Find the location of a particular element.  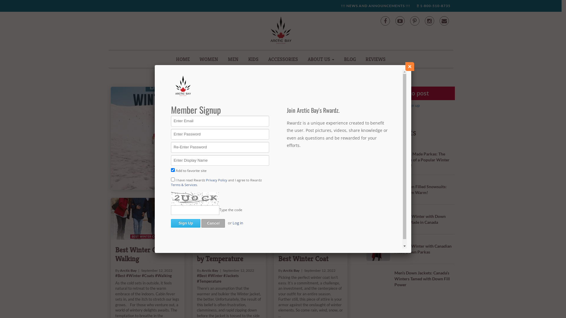

'ACCESSORIES' is located at coordinates (283, 59).